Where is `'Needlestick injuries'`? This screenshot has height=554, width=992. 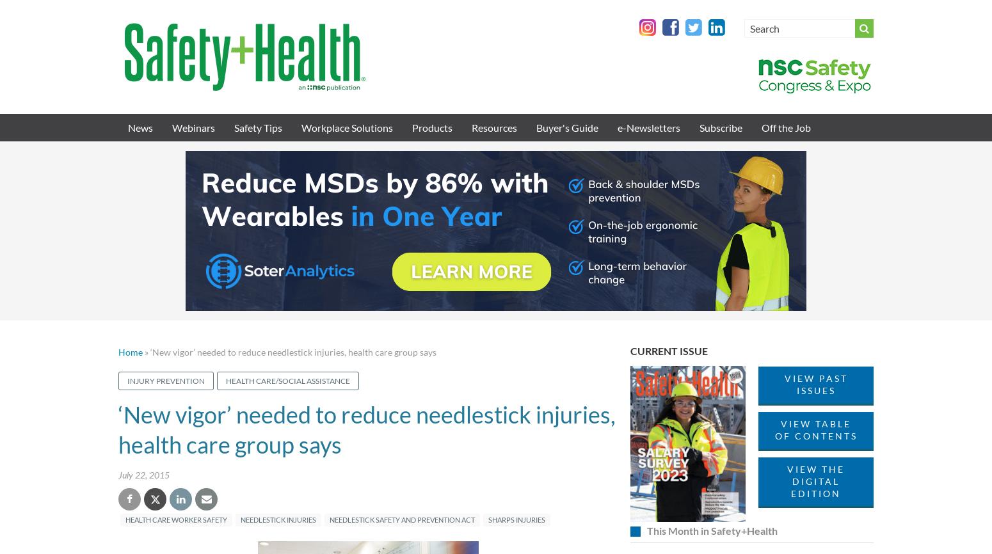
'Needlestick injuries' is located at coordinates (278, 519).